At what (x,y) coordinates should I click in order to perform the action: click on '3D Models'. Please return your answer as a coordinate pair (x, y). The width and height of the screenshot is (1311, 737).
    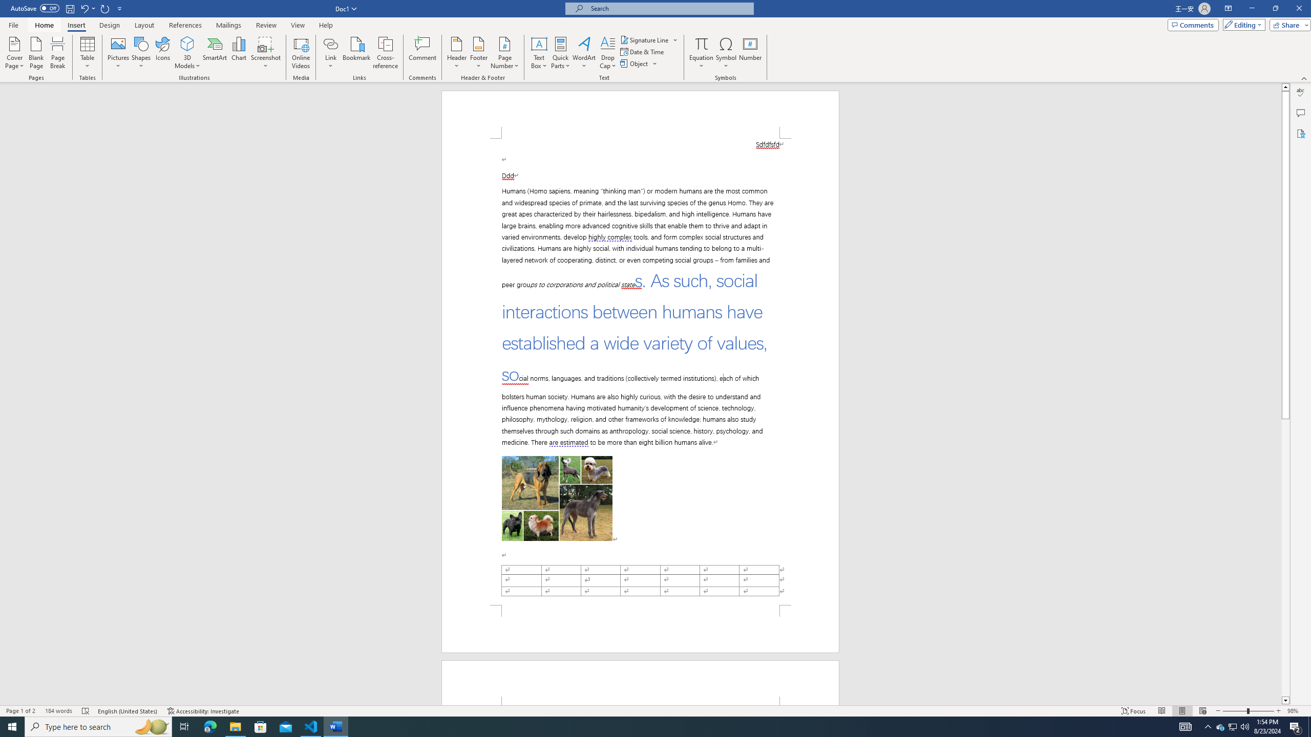
    Looking at the image, I should click on (187, 53).